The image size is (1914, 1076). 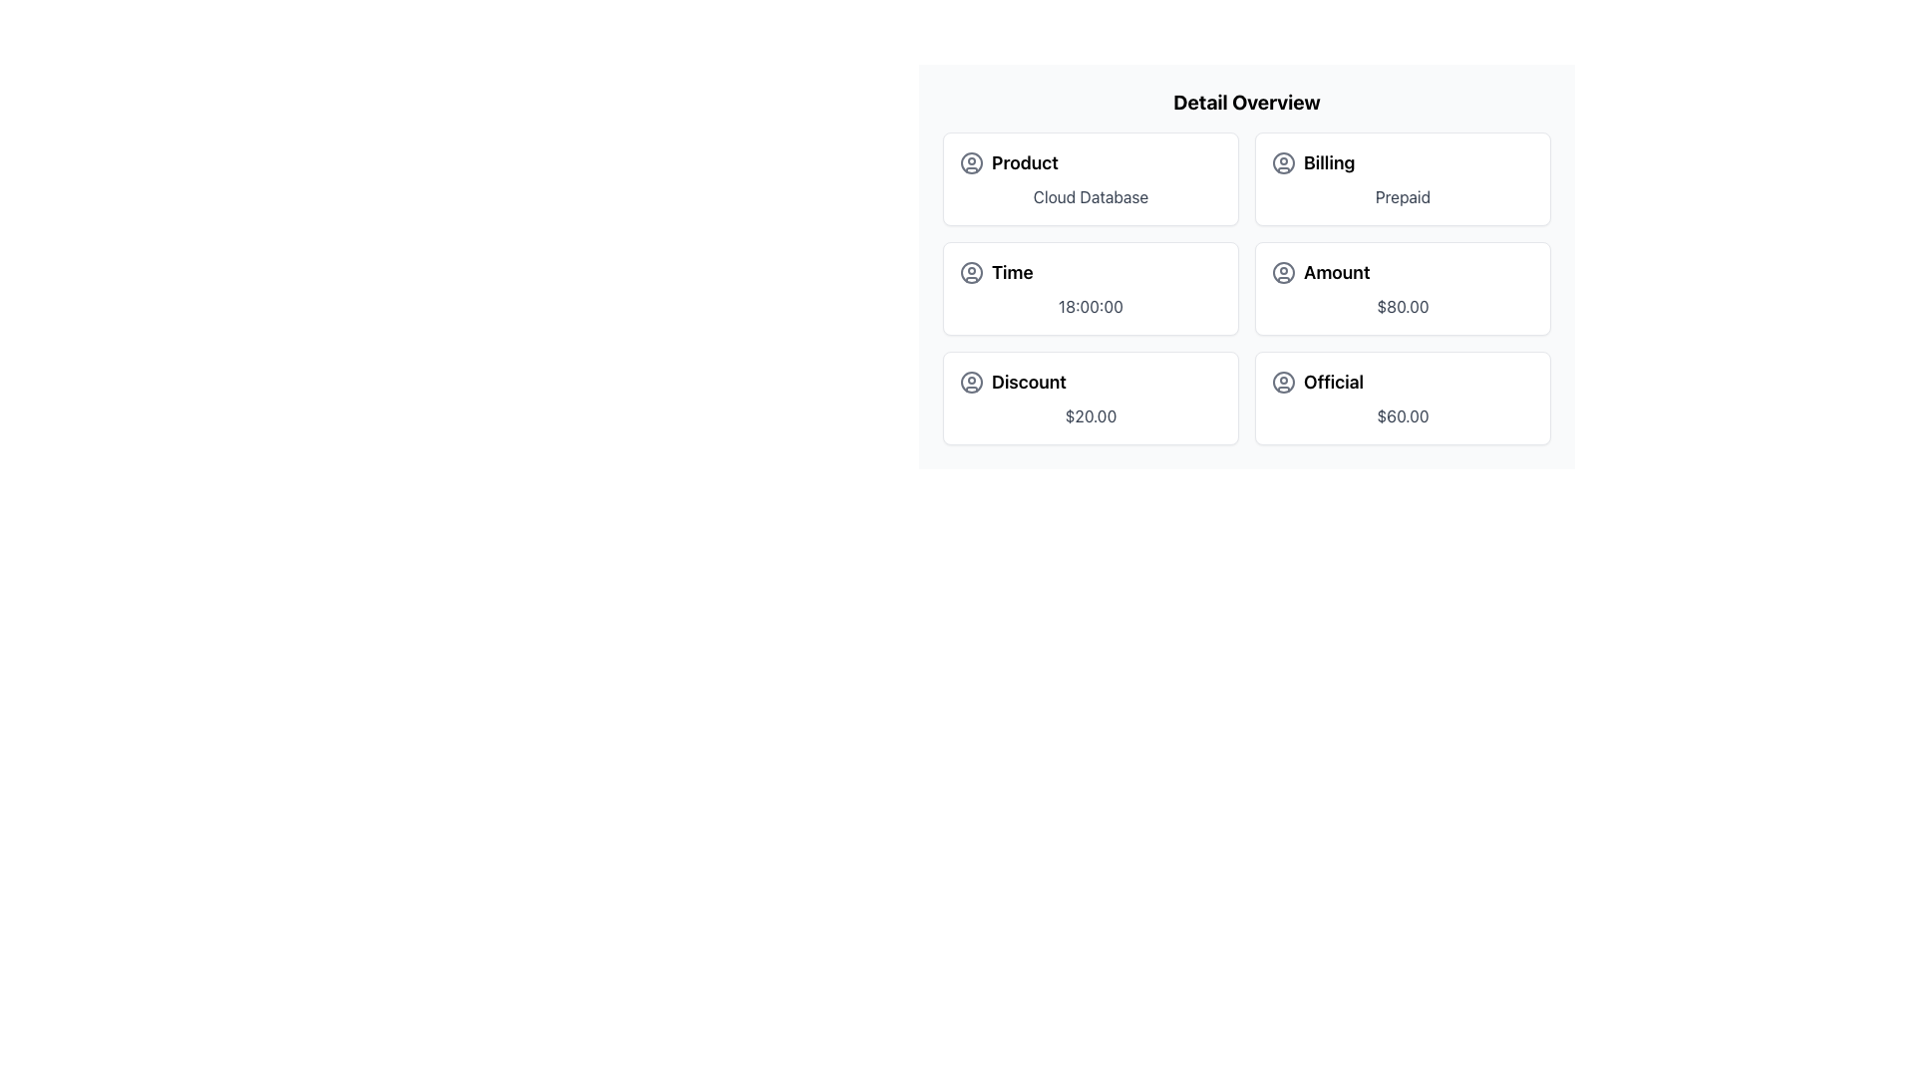 I want to click on the largest circular graphic element with a gray outline, part of the user icon located in the bottom-right card labeled 'Official', so click(x=1283, y=383).